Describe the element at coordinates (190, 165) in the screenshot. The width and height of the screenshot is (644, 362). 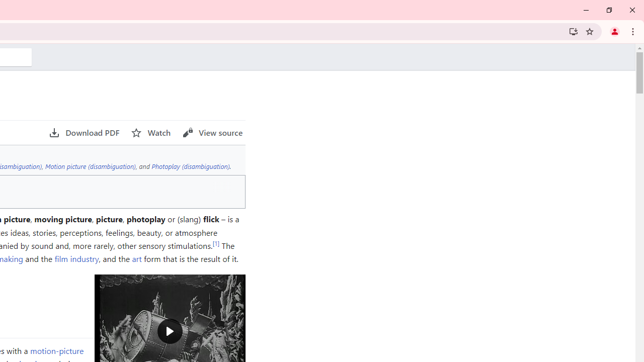
I see `'Photoplay (disambiguation)'` at that location.